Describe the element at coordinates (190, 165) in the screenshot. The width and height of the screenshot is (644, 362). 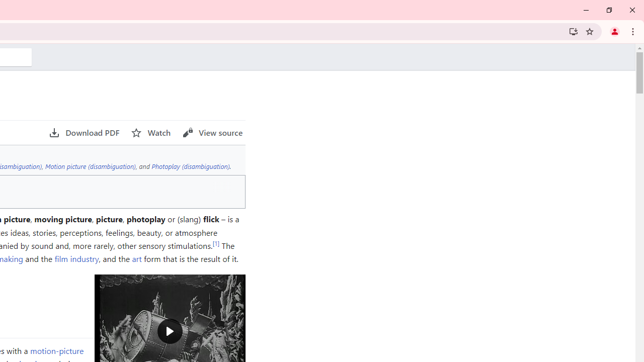
I see `'Photoplay (disambiguation)'` at that location.